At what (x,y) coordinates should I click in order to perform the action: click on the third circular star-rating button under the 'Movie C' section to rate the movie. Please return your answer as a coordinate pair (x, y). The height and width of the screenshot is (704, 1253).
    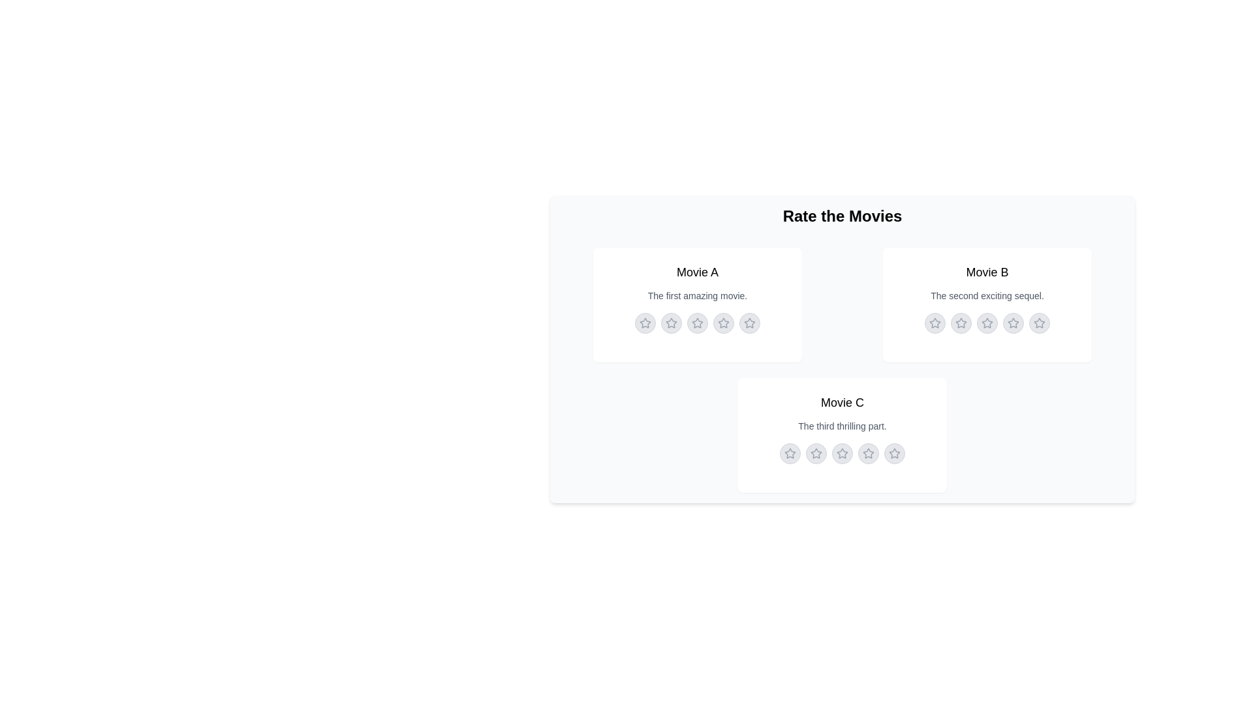
    Looking at the image, I should click on (843, 452).